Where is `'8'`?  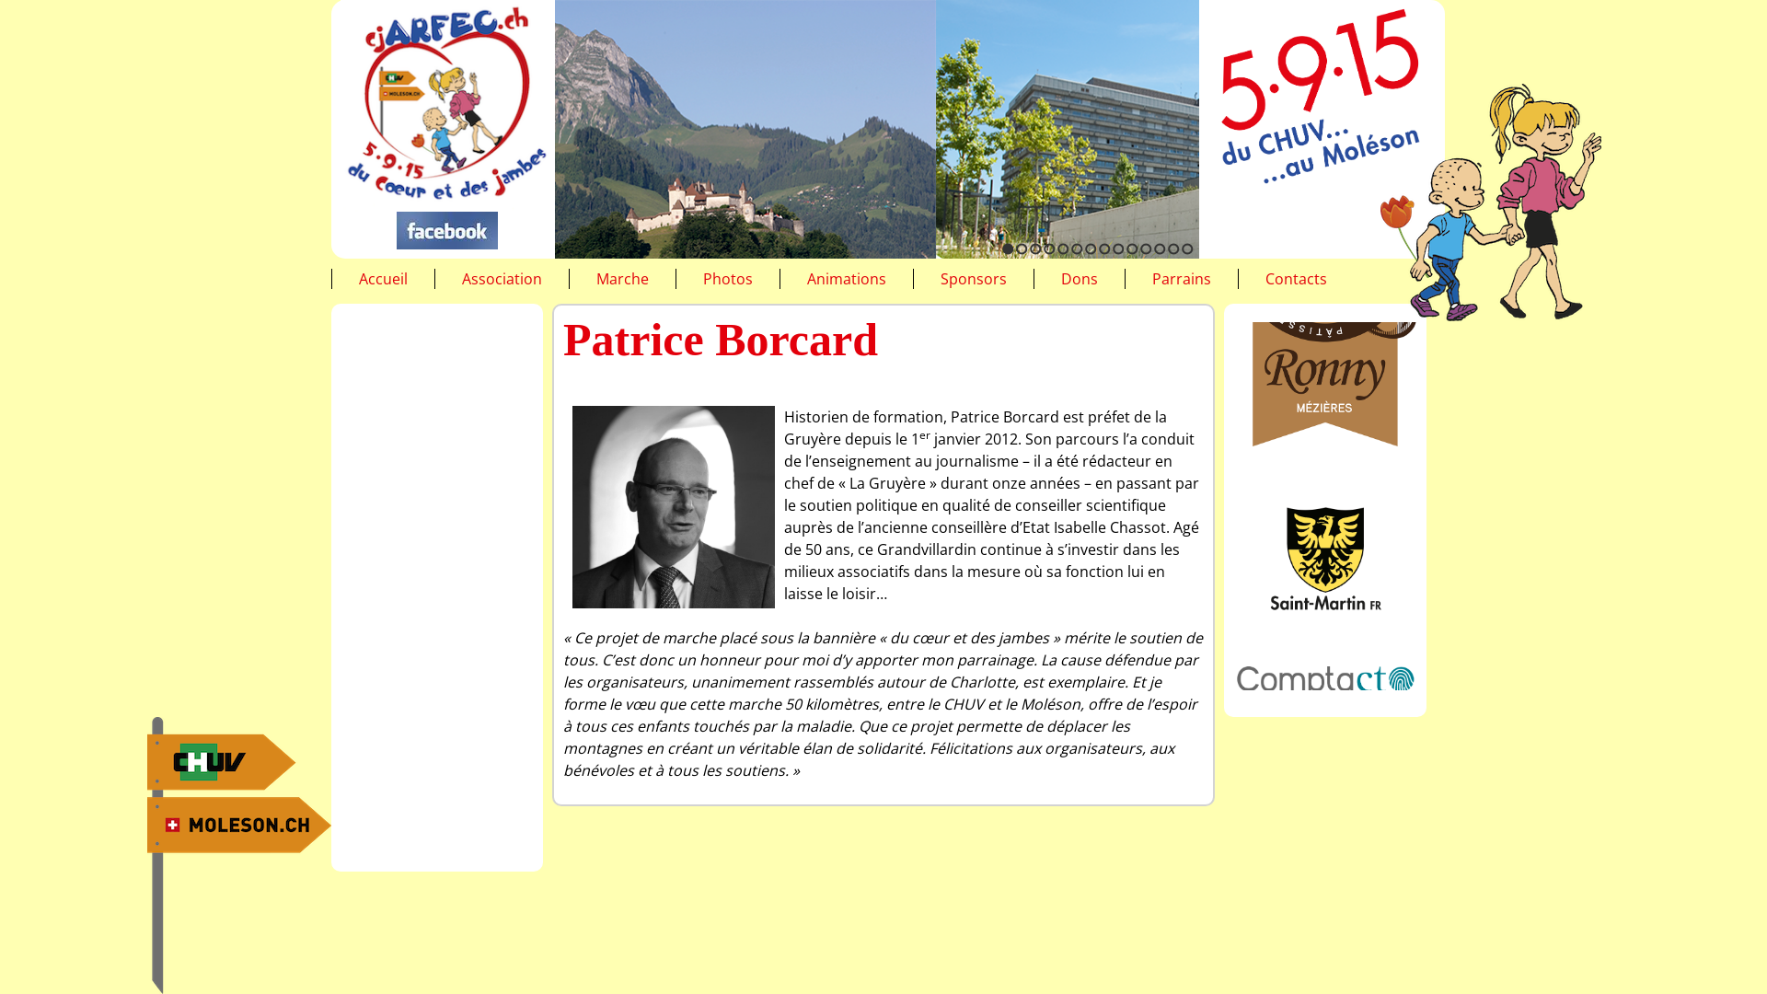
'8' is located at coordinates (1104, 248).